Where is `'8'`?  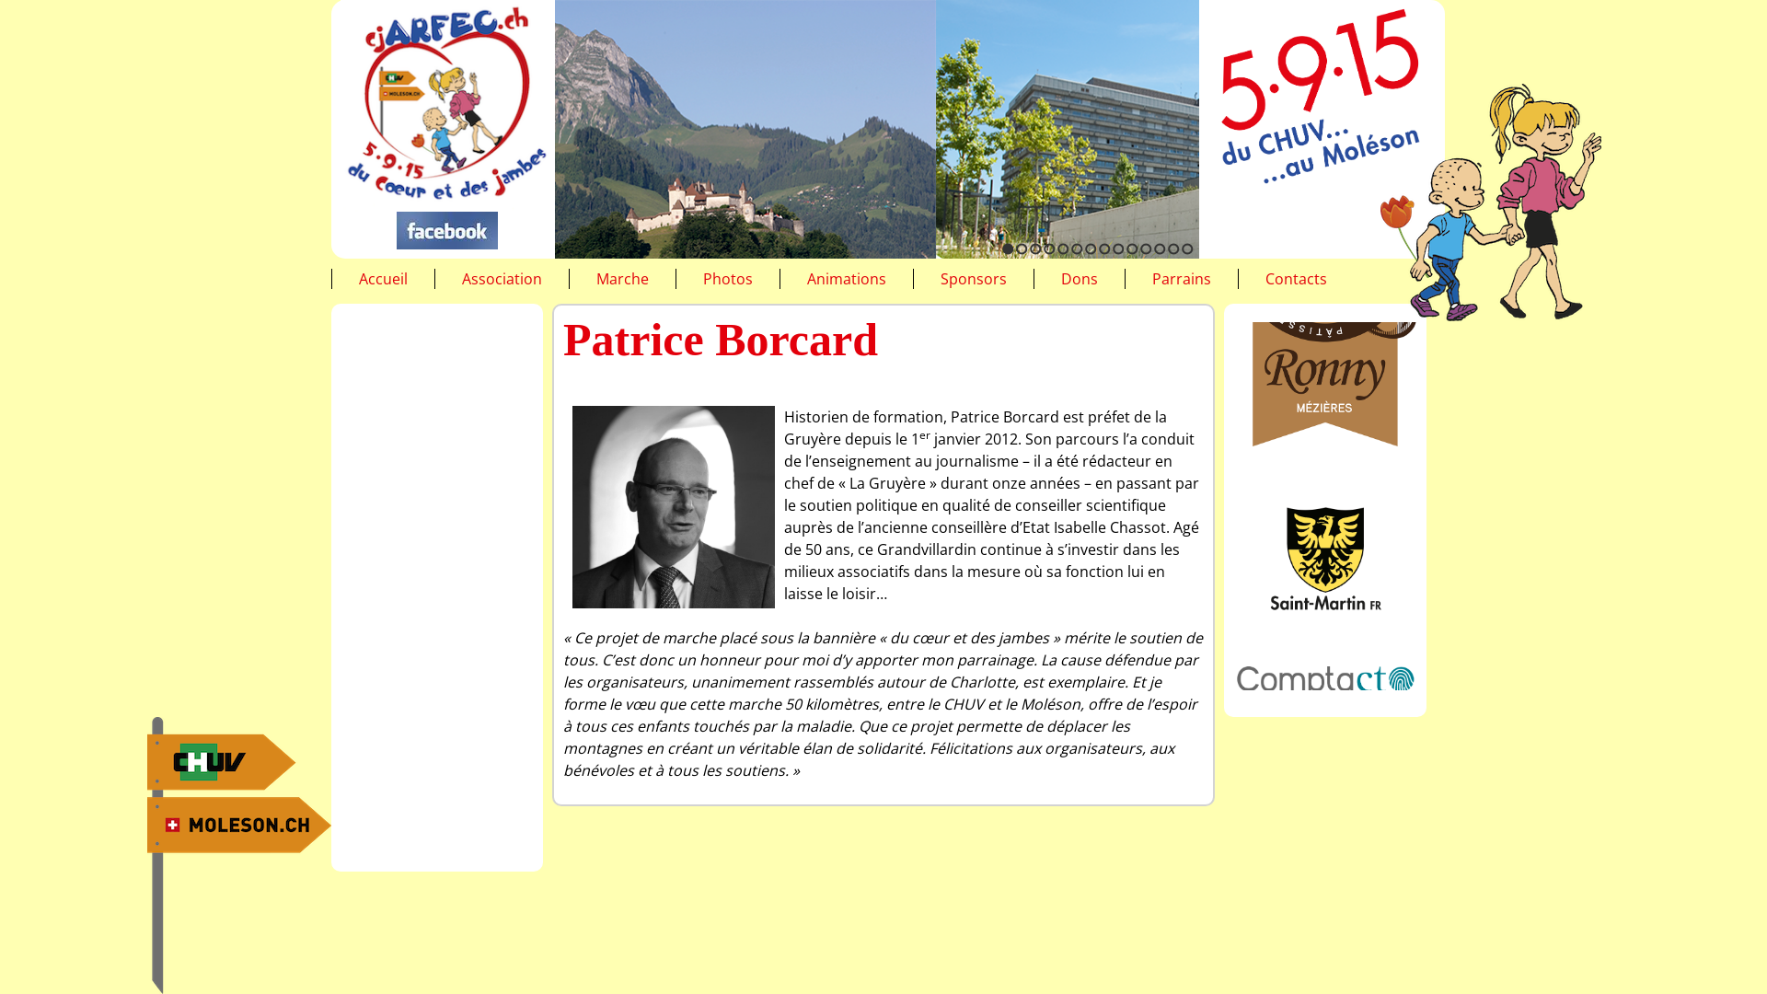
'8' is located at coordinates (1104, 248).